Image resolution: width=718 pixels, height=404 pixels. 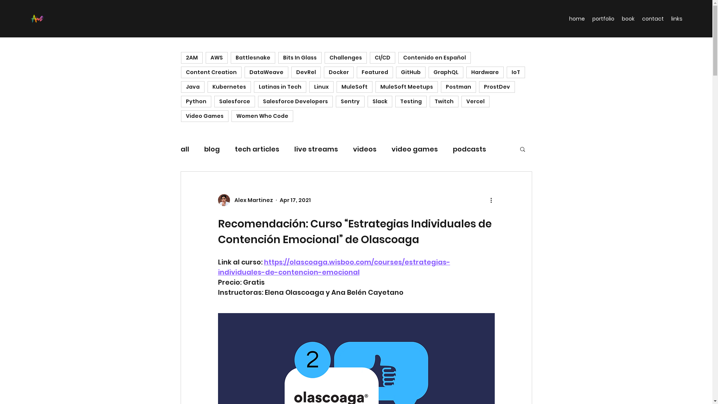 What do you see at coordinates (181, 72) in the screenshot?
I see `'Content Creation'` at bounding box center [181, 72].